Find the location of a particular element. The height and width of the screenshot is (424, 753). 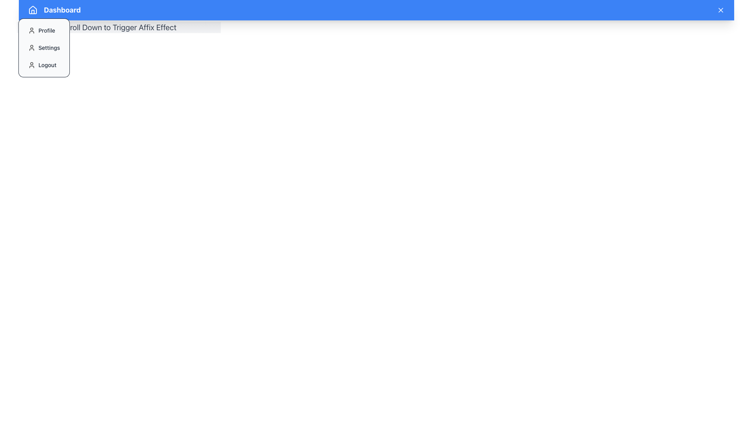

the house-shaped icon located on the left side of the header bar is located at coordinates (32, 10).